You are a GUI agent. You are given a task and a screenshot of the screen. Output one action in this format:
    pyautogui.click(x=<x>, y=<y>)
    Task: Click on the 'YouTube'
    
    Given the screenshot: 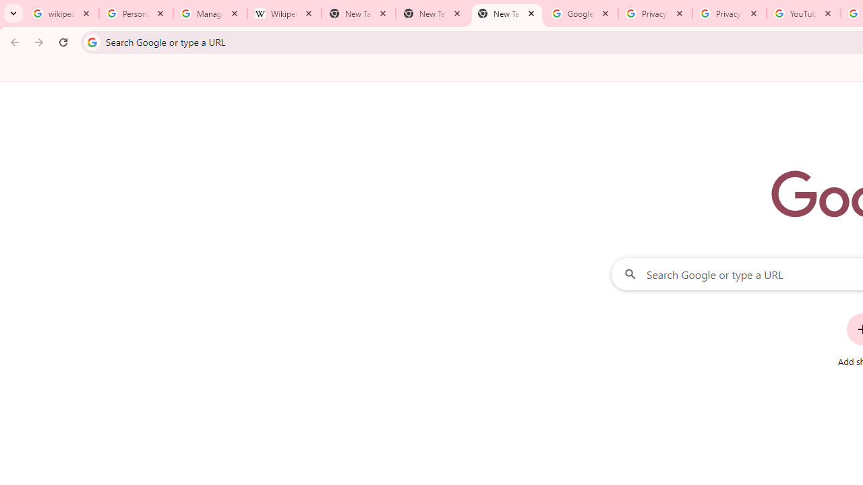 What is the action you would take?
    pyautogui.click(x=803, y=13)
    